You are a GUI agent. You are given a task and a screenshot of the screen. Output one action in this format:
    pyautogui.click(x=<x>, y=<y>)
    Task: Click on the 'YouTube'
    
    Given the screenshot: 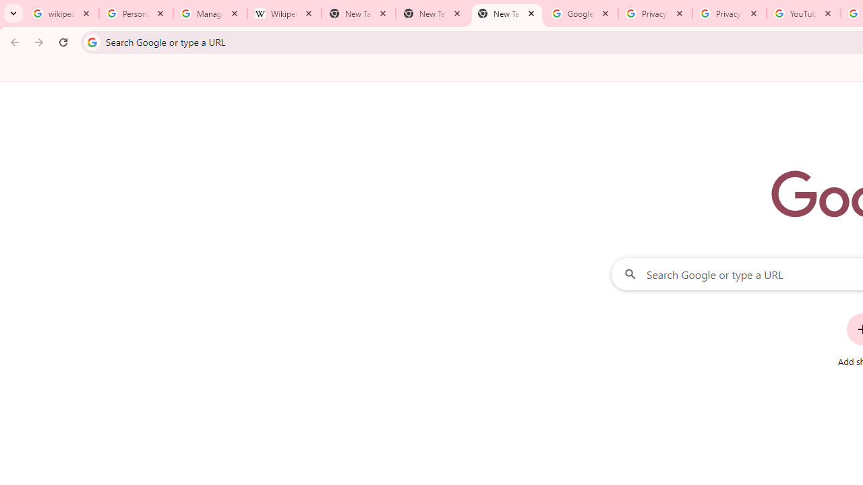 What is the action you would take?
    pyautogui.click(x=803, y=13)
    